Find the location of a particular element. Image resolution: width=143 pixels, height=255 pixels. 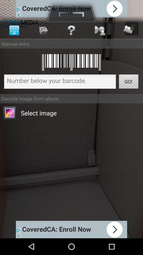

the button which is next to the text field is located at coordinates (128, 82).